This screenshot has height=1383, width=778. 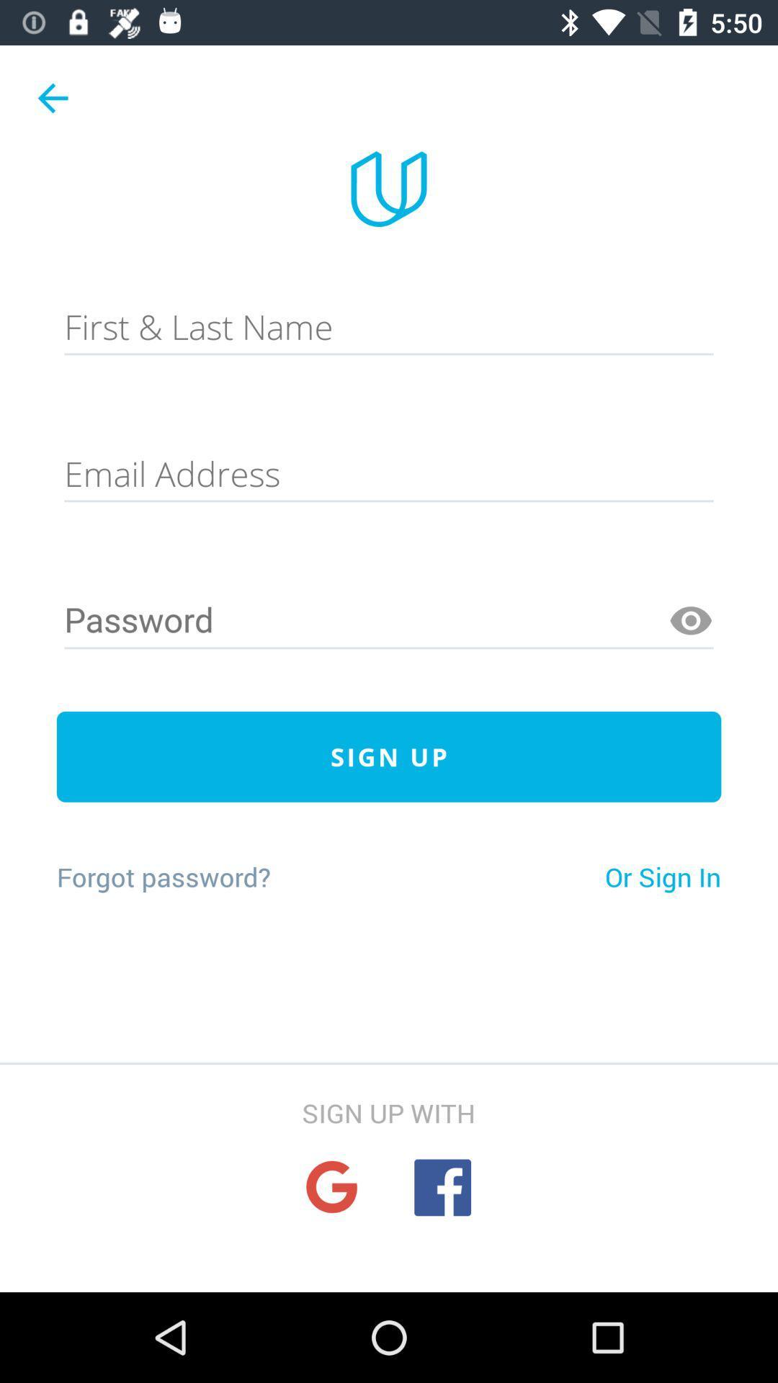 I want to click on facebook sign-up option, so click(x=442, y=1187).